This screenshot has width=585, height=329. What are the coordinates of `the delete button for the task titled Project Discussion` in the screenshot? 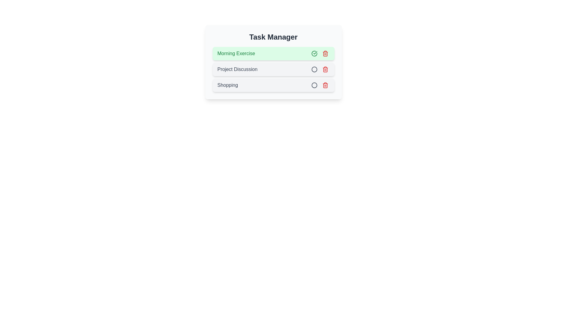 It's located at (325, 69).